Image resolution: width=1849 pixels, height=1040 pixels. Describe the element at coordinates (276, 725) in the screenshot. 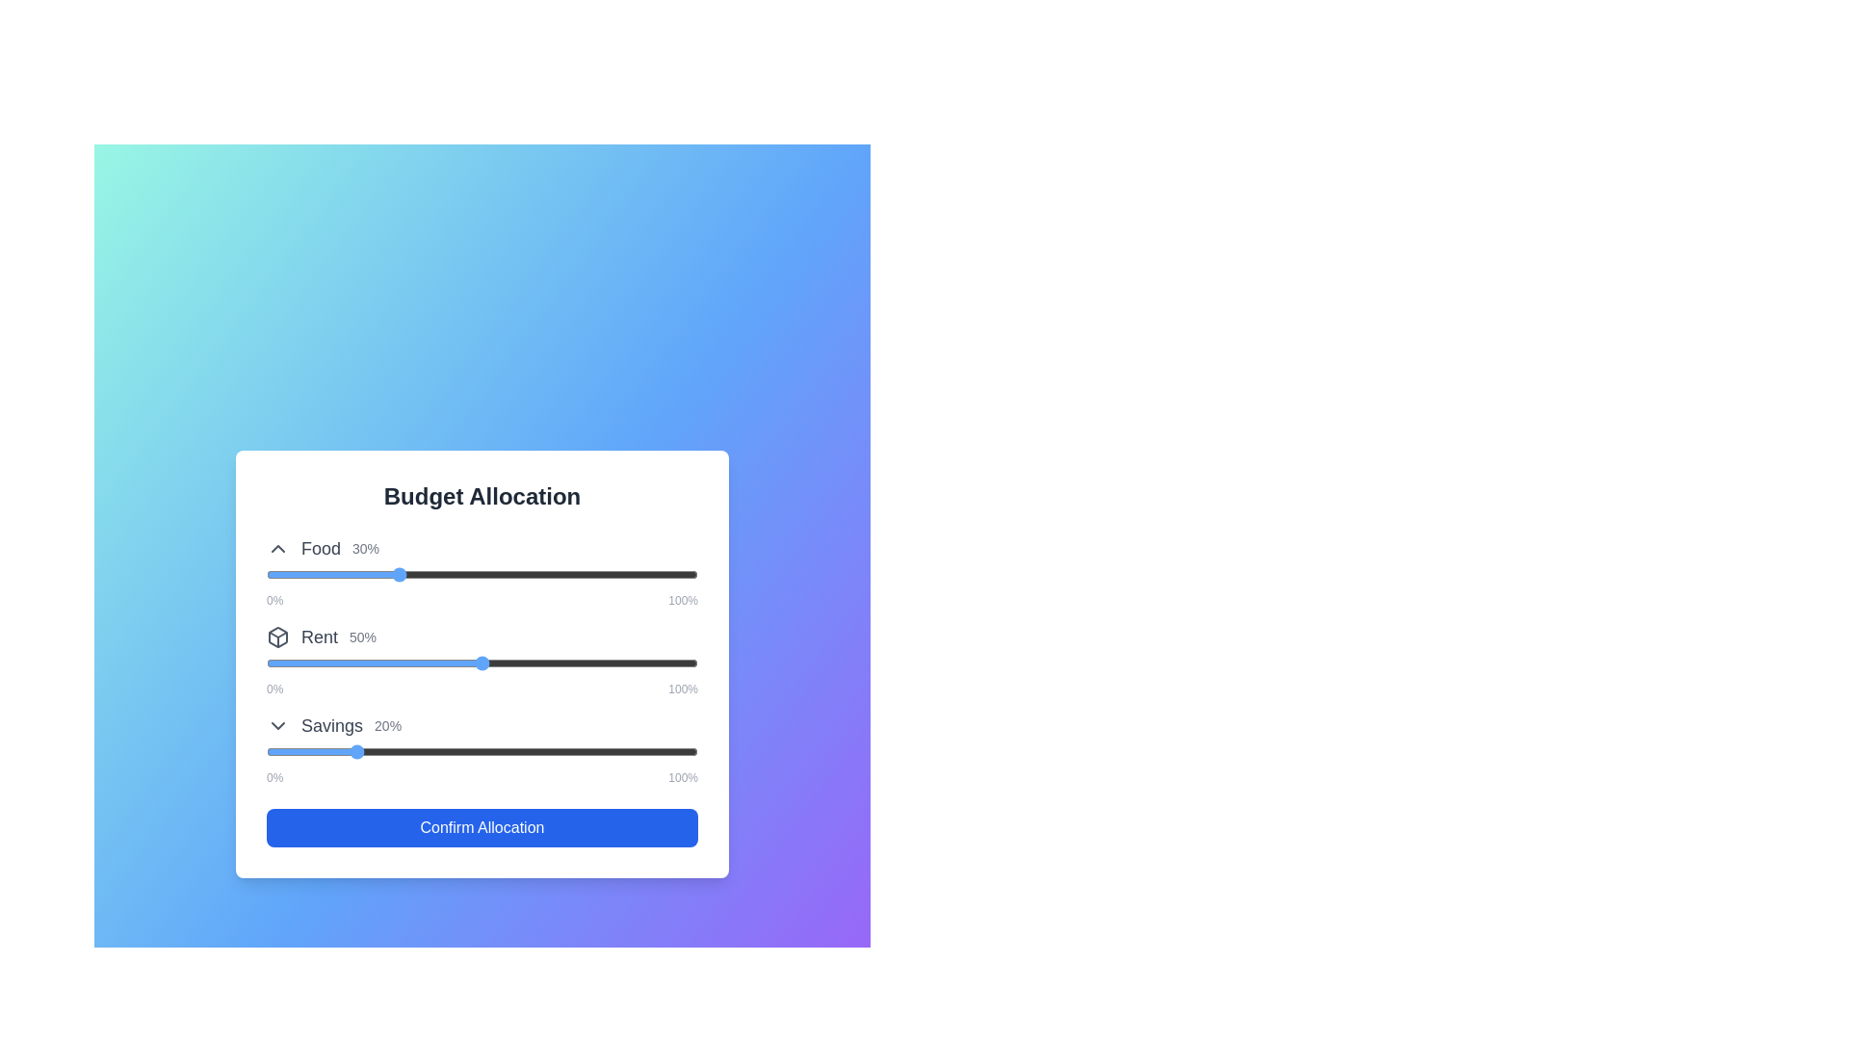

I see `the icon representing the Savings category` at that location.